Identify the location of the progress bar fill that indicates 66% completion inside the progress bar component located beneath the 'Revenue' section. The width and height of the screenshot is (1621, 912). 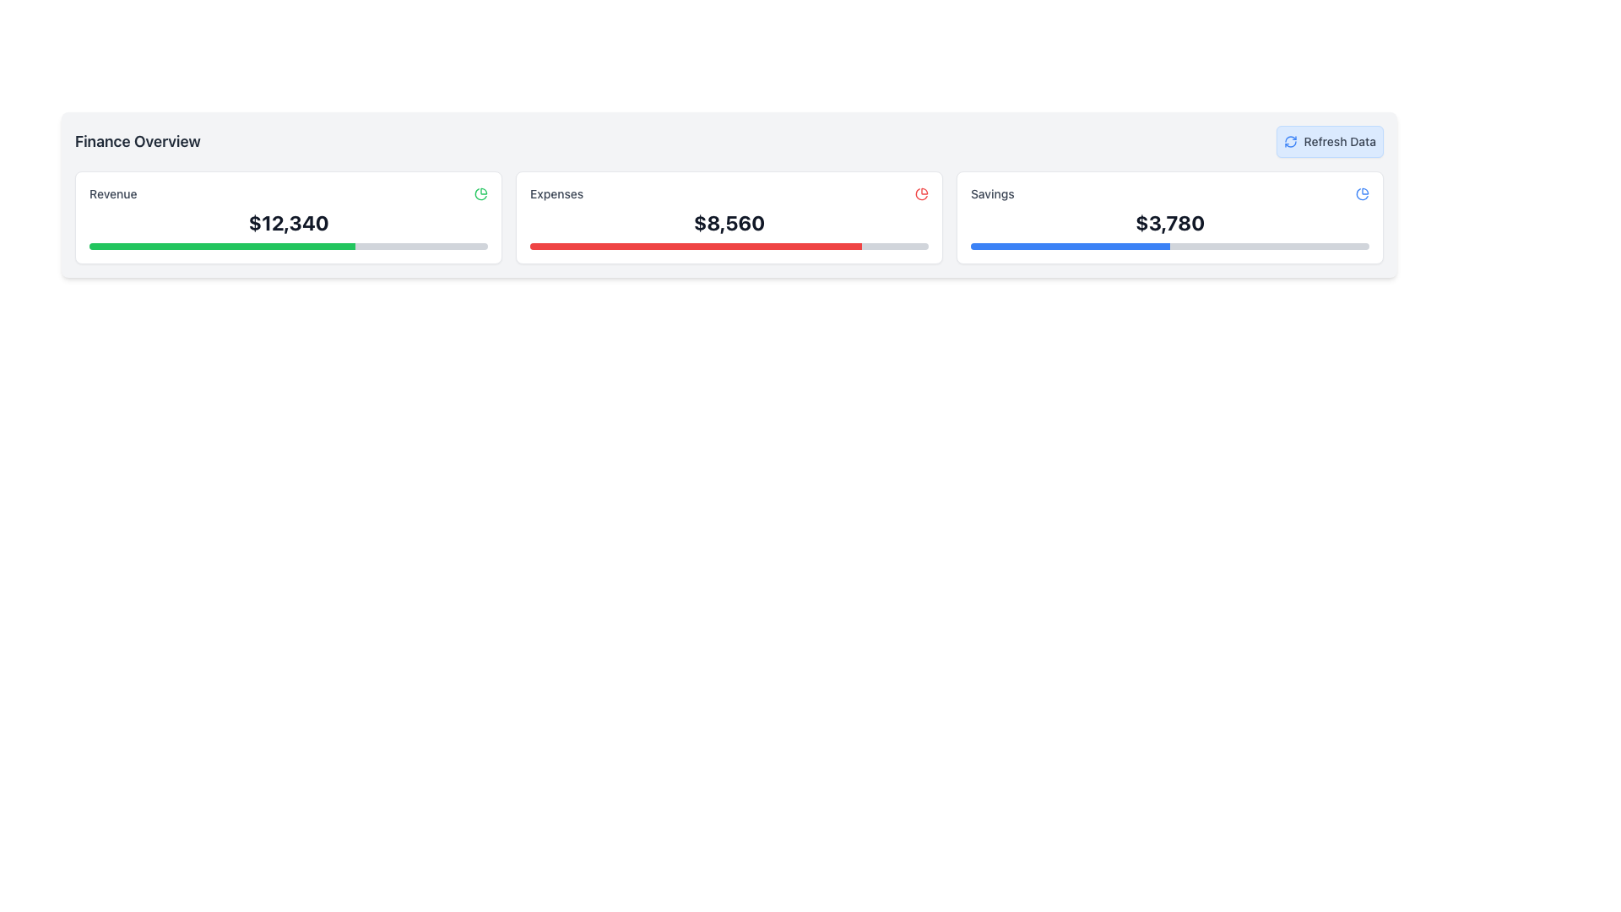
(221, 247).